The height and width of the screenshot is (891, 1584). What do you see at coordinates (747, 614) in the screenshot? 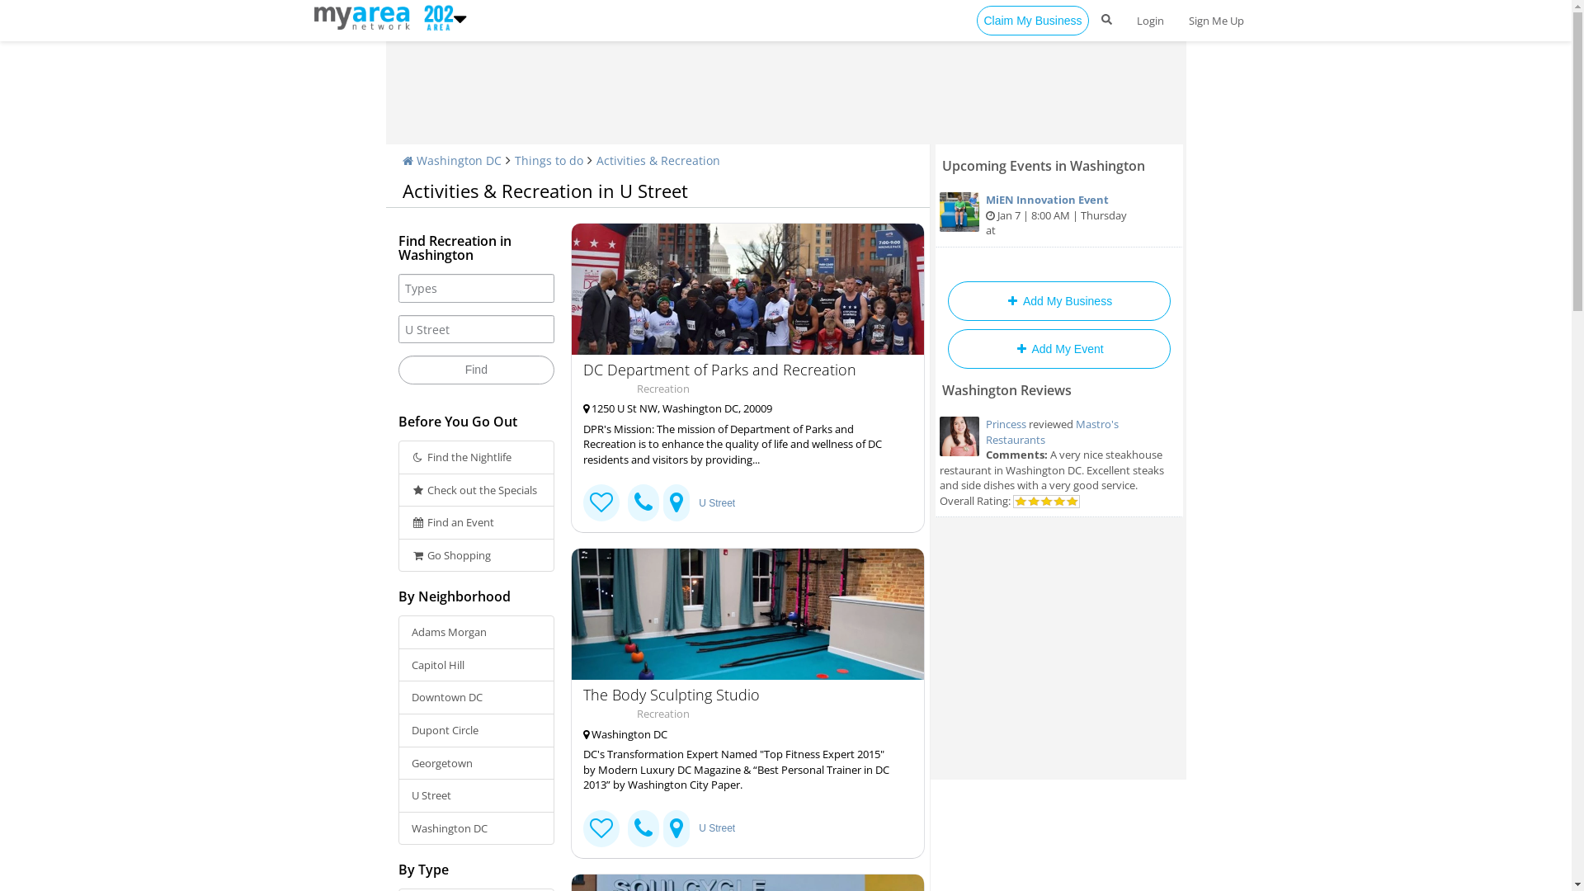
I see `'The Body Sculpting Studio'` at bounding box center [747, 614].